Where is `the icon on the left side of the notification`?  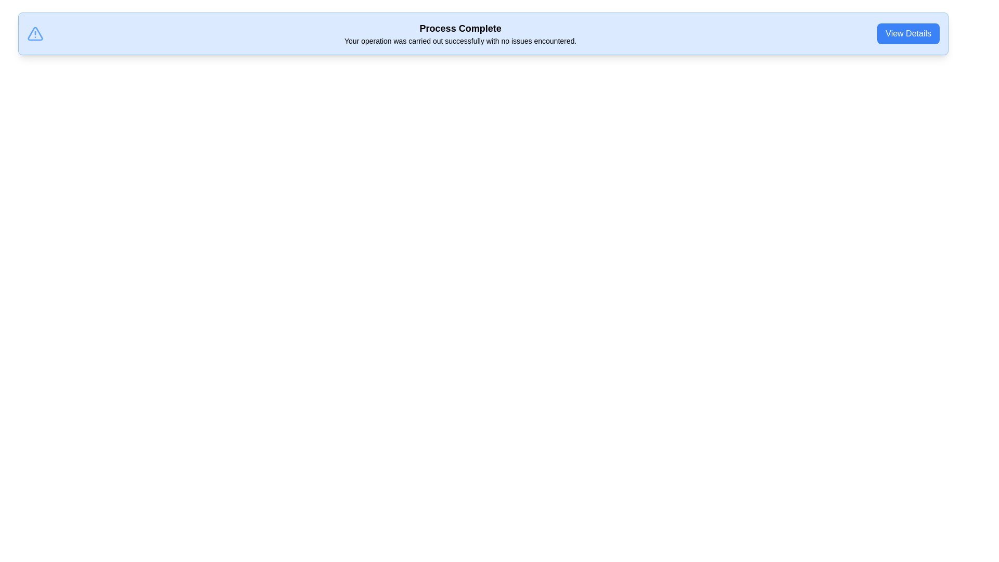
the icon on the left side of the notification is located at coordinates (35, 33).